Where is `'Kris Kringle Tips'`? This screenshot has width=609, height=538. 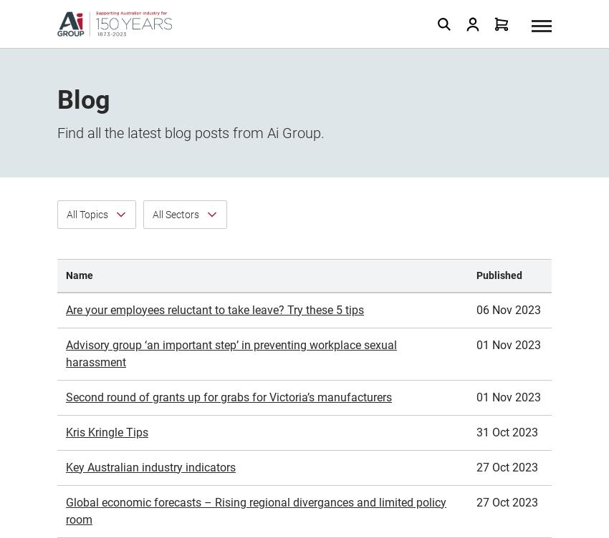 'Kris Kringle Tips' is located at coordinates (107, 272).